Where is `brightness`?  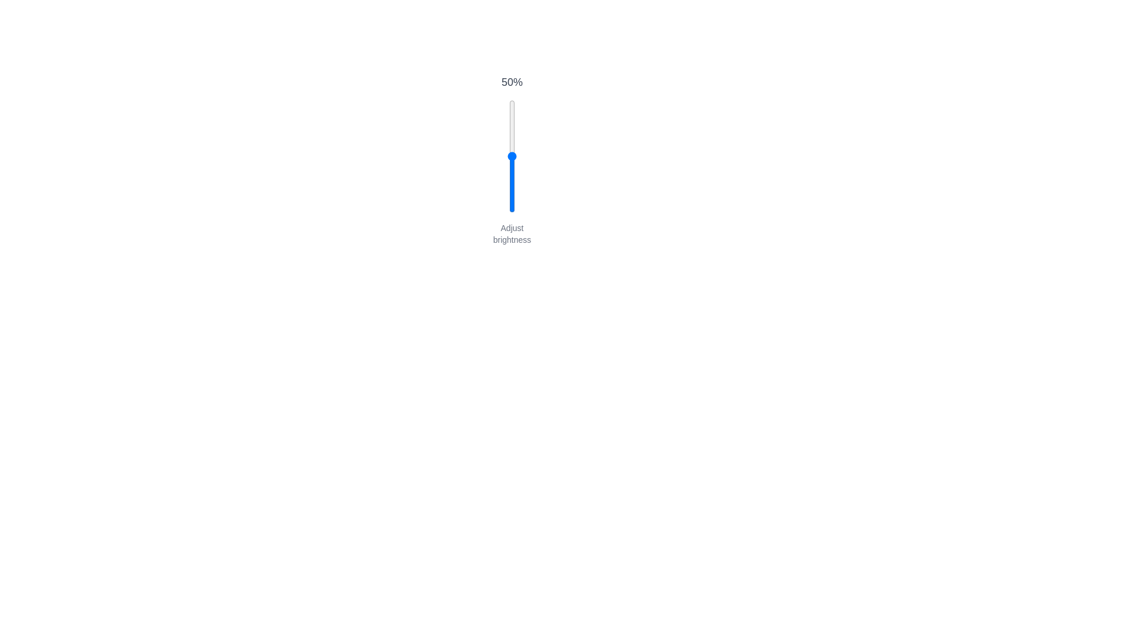
brightness is located at coordinates (512, 138).